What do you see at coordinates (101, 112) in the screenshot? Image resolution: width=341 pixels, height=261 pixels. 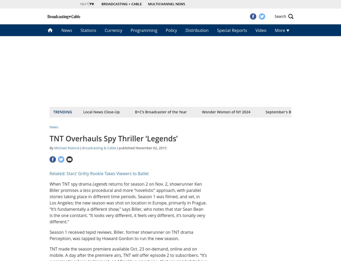 I see `'Local News Close-Up'` at bounding box center [101, 112].